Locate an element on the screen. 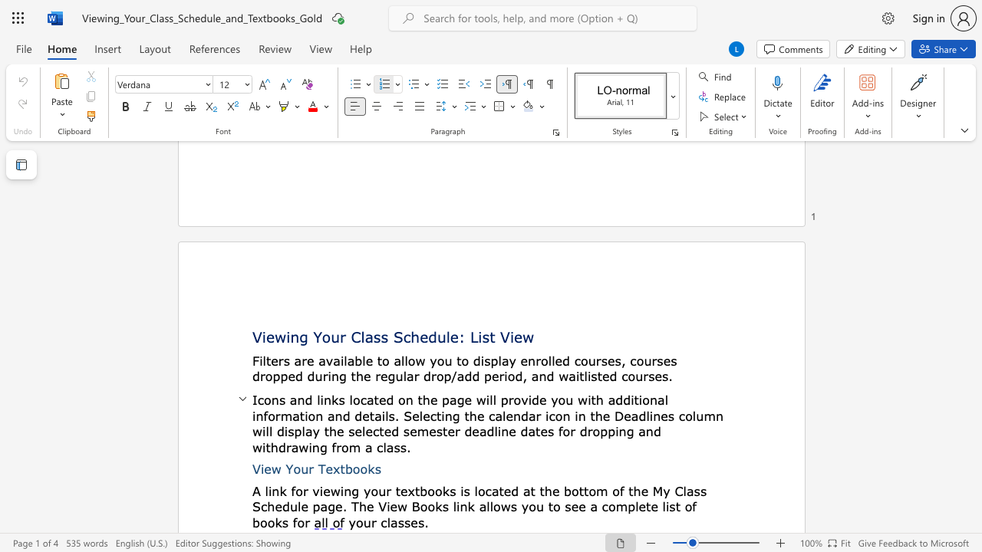 The image size is (982, 552). the 1th character "k" in the text is located at coordinates (334, 399).